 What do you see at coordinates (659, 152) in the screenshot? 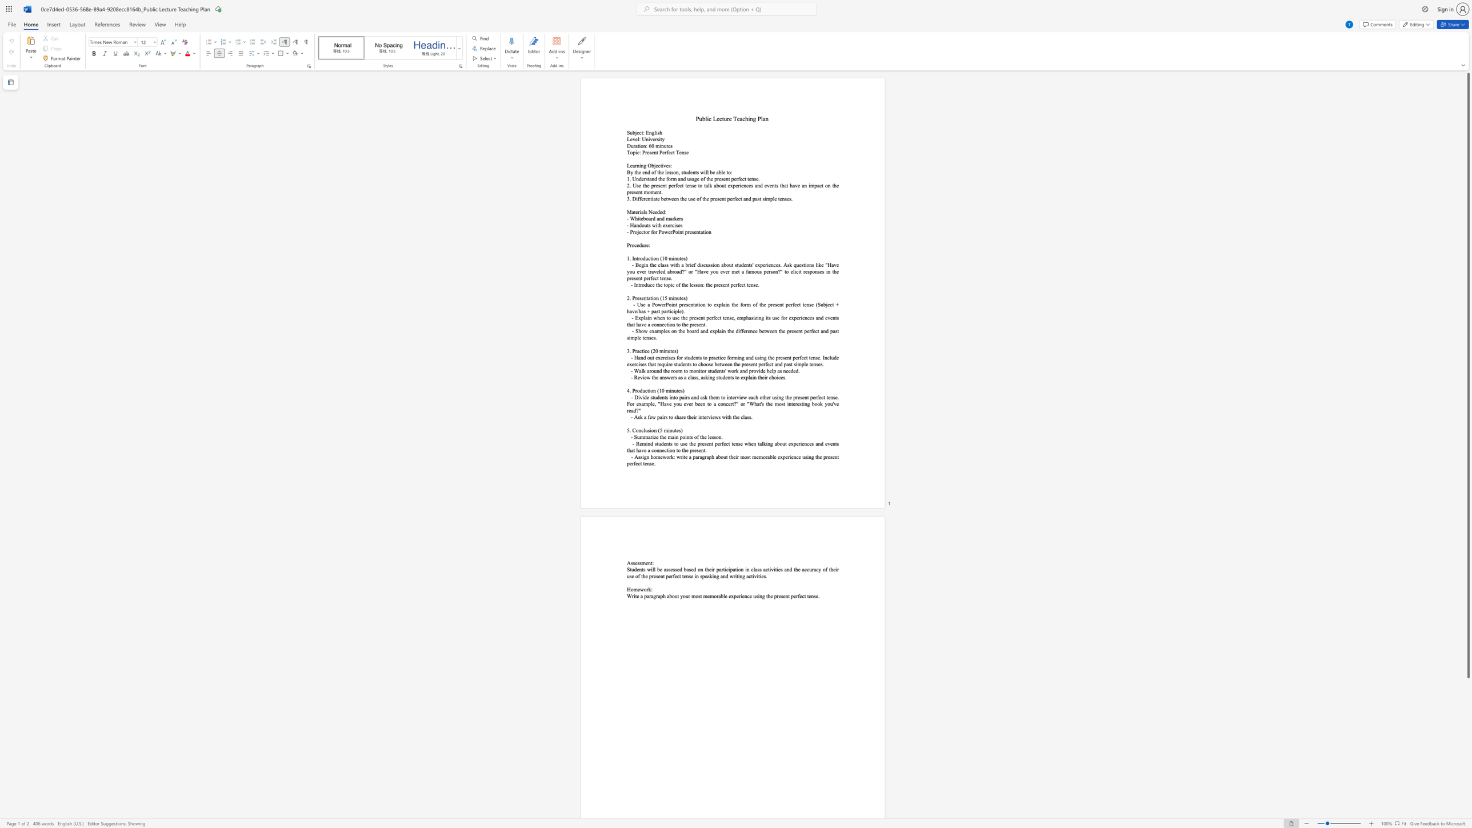
I see `the subset text "Perfect Te" within the text "Topic: Present Perfect Tense"` at bounding box center [659, 152].